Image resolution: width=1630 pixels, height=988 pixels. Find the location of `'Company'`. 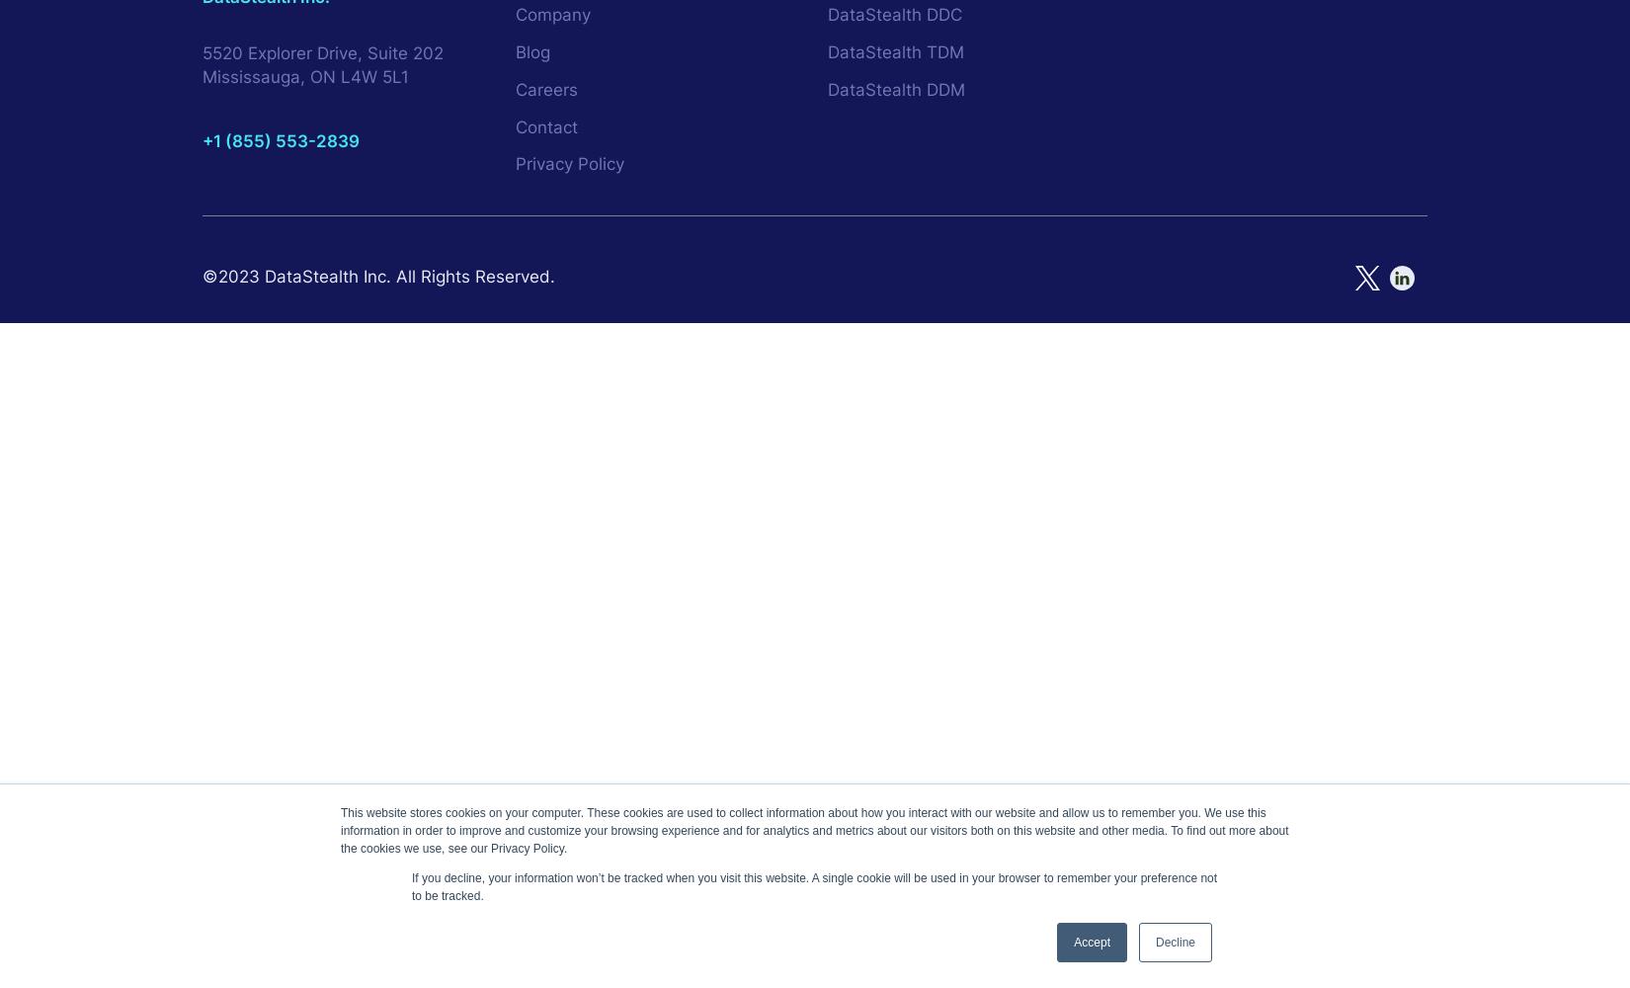

'Company' is located at coordinates (551, 15).